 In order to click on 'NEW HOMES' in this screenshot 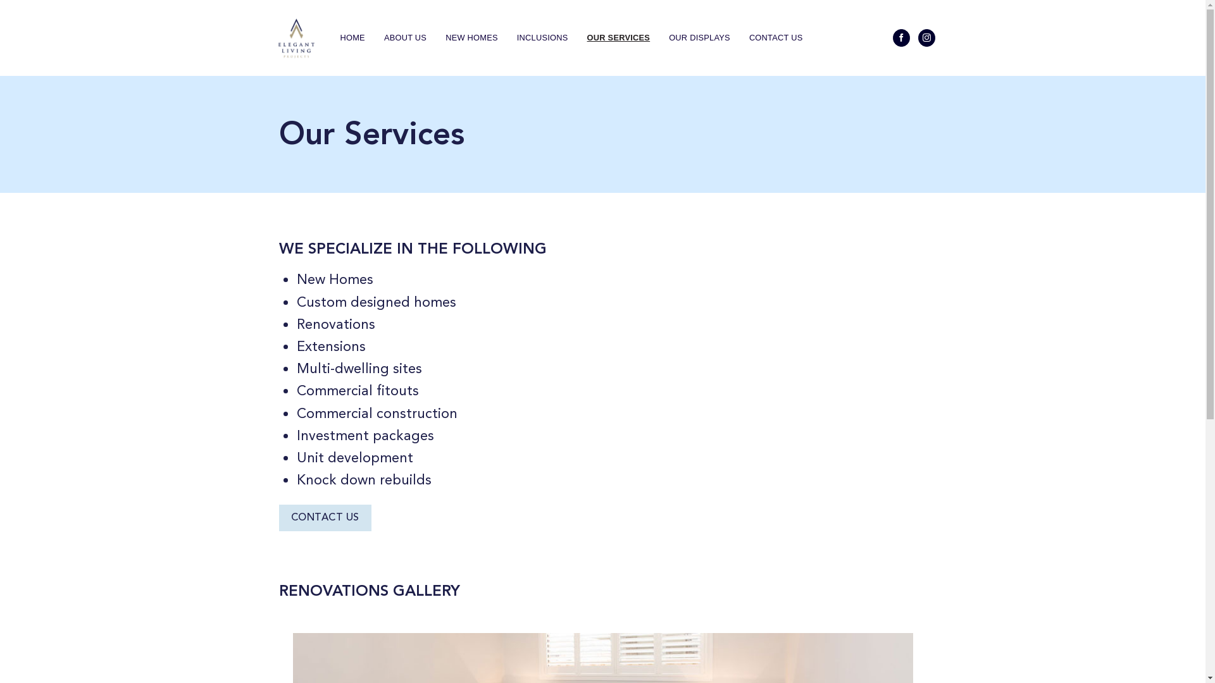, I will do `click(471, 37)`.